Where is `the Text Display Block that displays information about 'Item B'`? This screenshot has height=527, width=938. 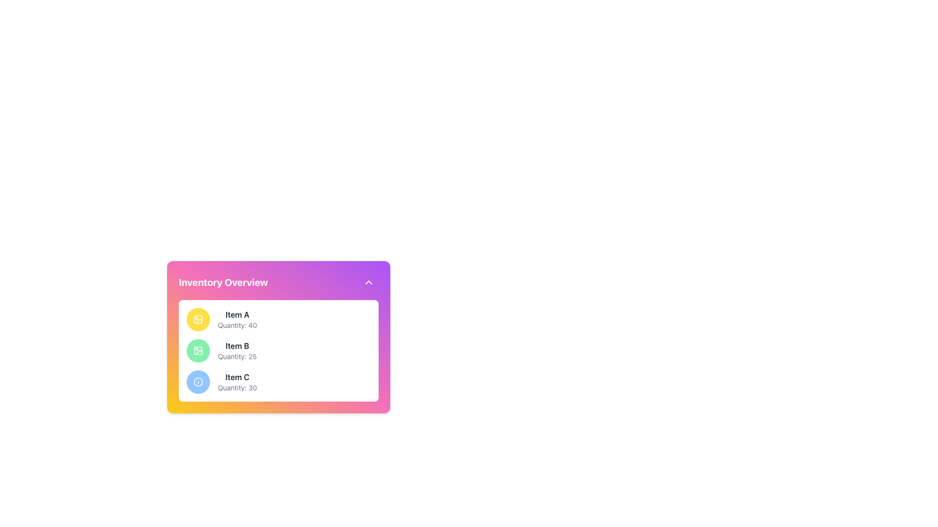 the Text Display Block that displays information about 'Item B' is located at coordinates (278, 350).